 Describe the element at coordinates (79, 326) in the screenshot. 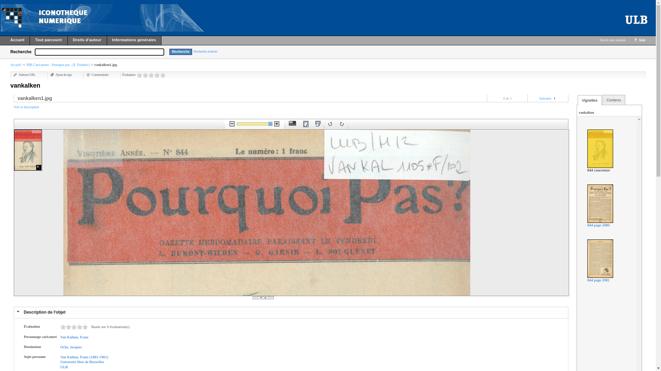

I see `'13'` at that location.